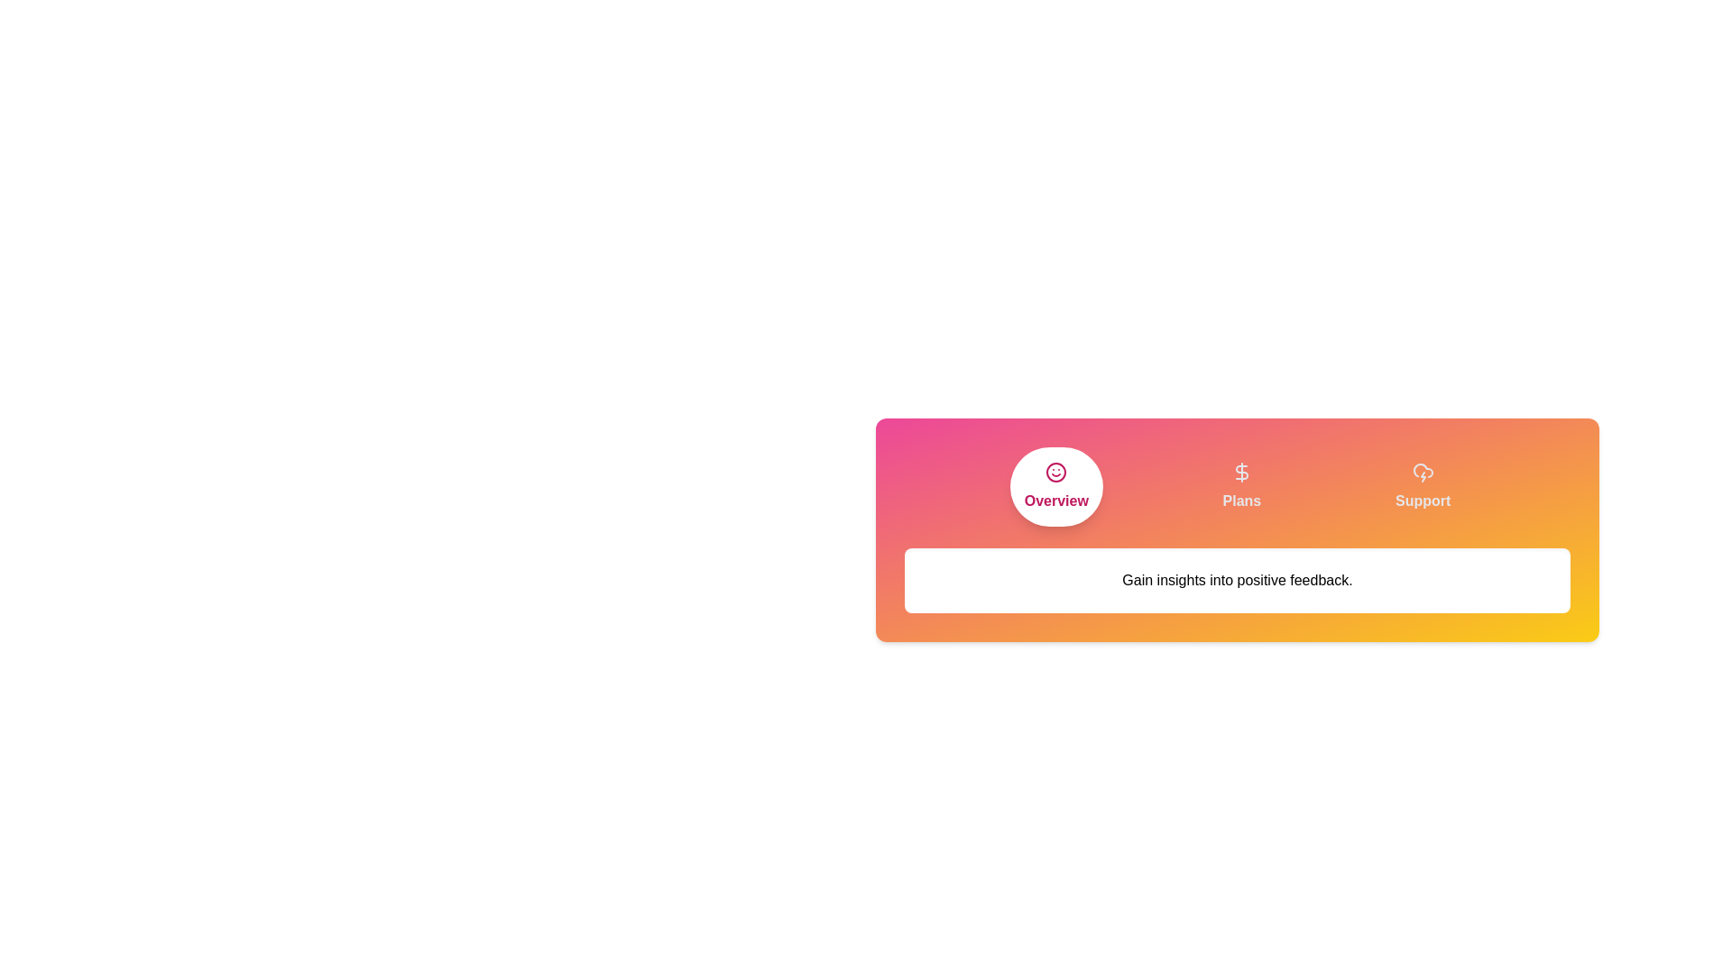  What do you see at coordinates (1240, 487) in the screenshot?
I see `the Plans tab to activate it` at bounding box center [1240, 487].